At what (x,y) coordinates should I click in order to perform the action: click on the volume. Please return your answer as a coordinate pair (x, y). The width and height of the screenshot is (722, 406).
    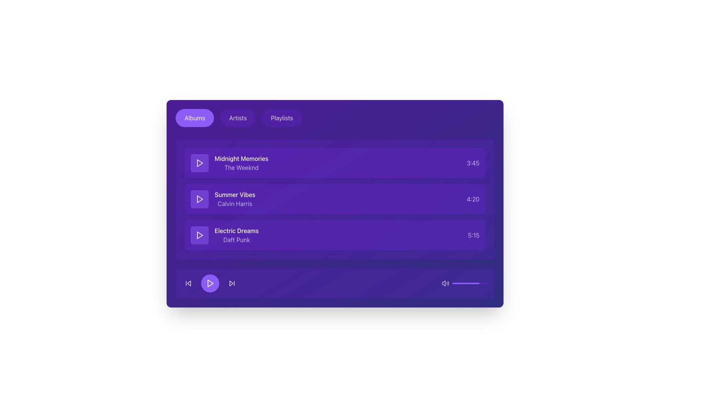
    Looking at the image, I should click on (470, 283).